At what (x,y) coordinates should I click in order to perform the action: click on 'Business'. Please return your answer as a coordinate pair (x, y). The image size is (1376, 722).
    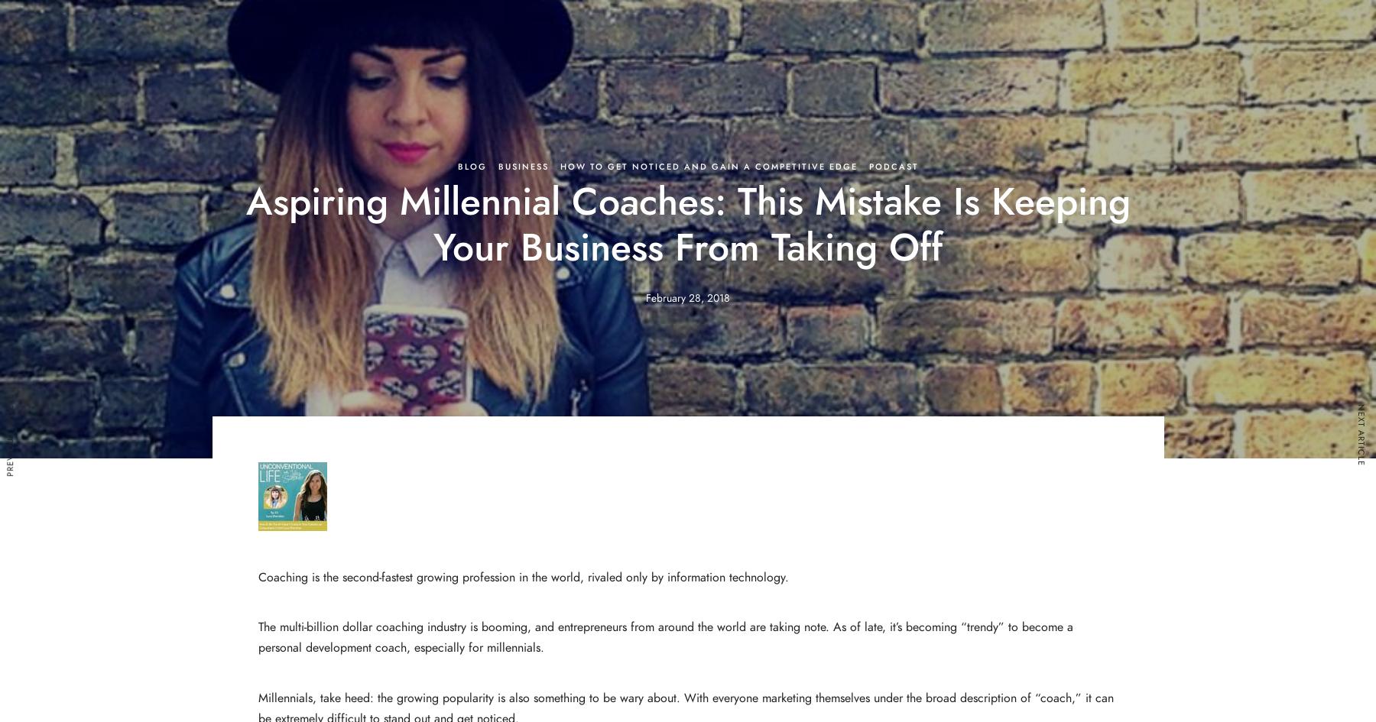
    Looking at the image, I should click on (522, 166).